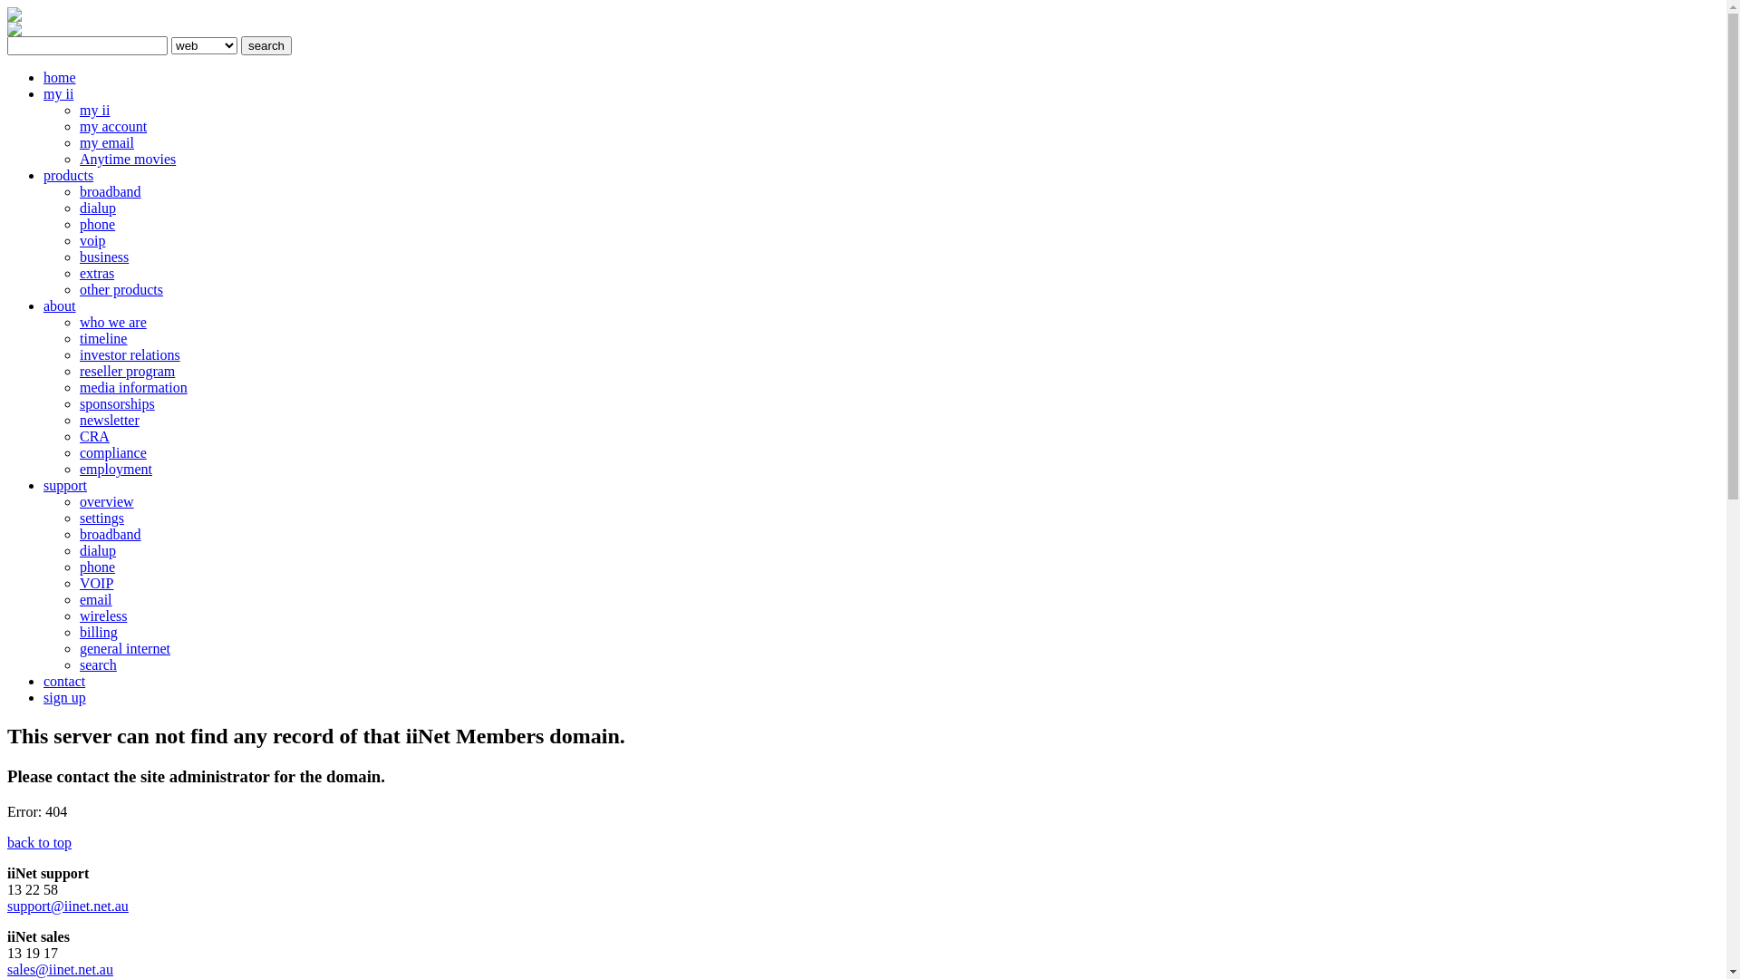 Image resolution: width=1740 pixels, height=979 pixels. I want to click on 'broadband', so click(78, 533).